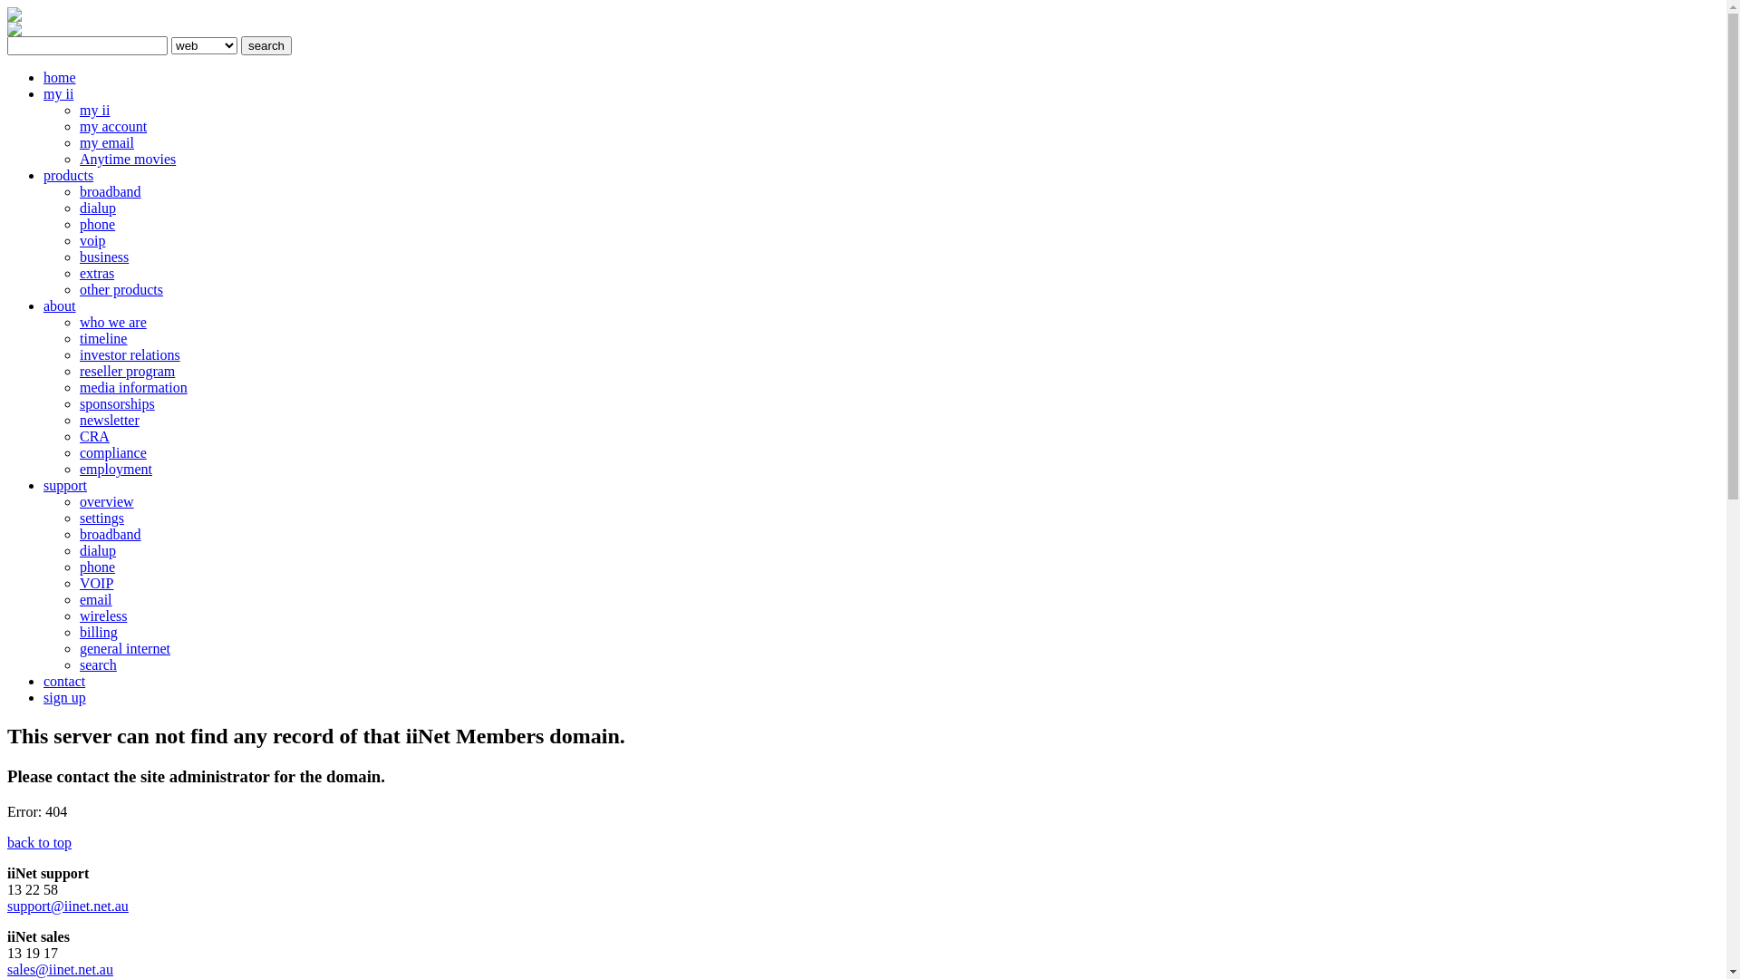 Image resolution: width=1740 pixels, height=979 pixels. I want to click on 'broadband', so click(78, 533).